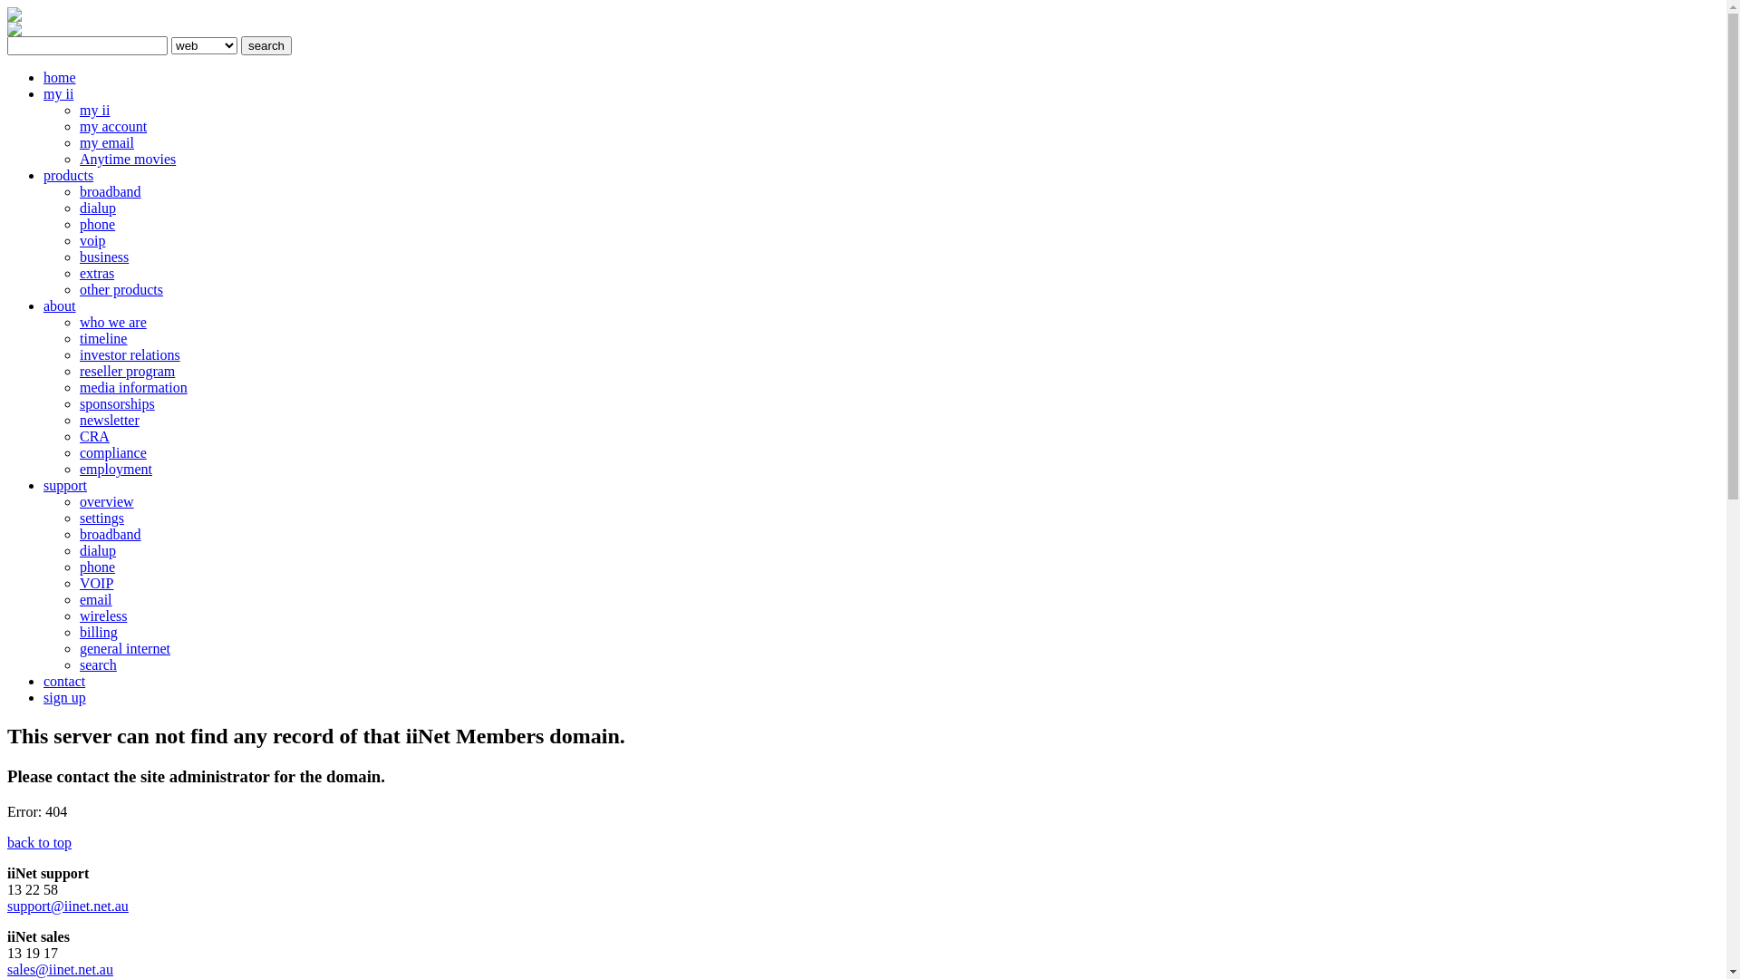 Image resolution: width=1740 pixels, height=979 pixels. I want to click on 'broadband', so click(78, 533).